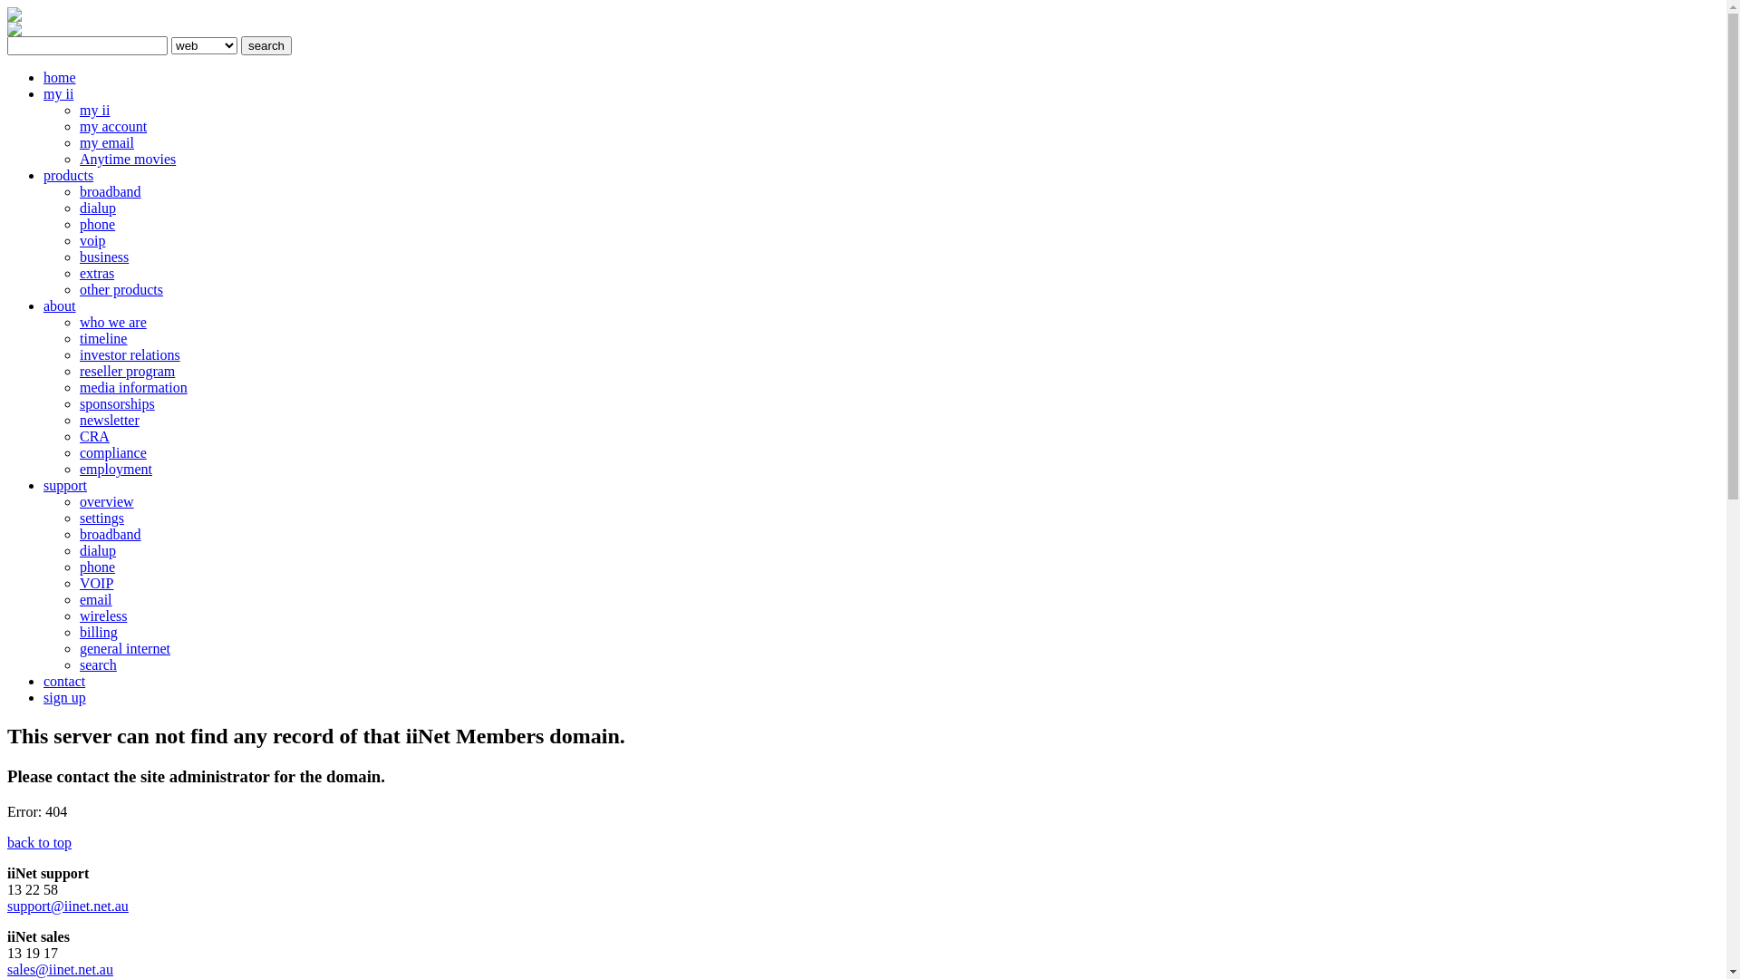 Image resolution: width=1740 pixels, height=979 pixels. I want to click on 'broadband', so click(78, 533).